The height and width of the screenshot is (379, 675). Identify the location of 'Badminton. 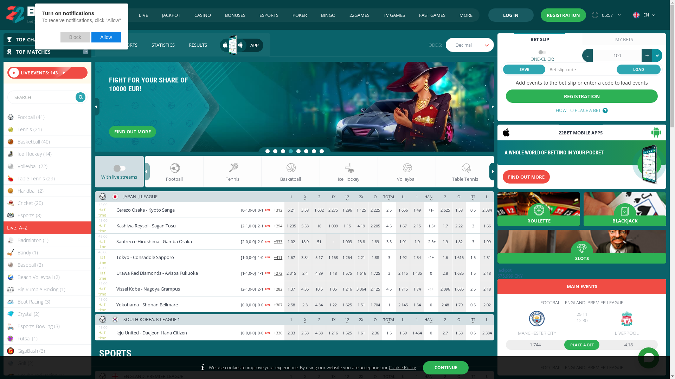
(47, 240).